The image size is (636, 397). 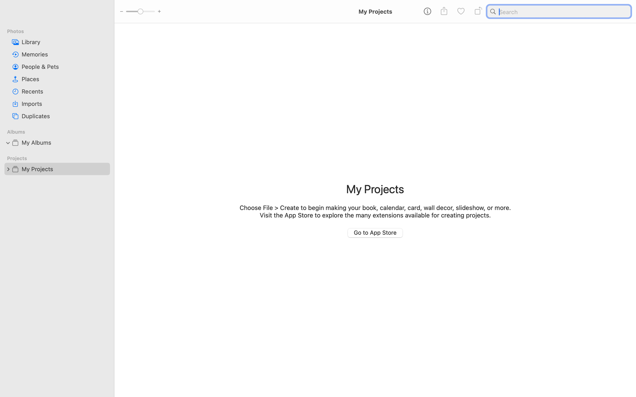 What do you see at coordinates (64, 103) in the screenshot?
I see `'Imports'` at bounding box center [64, 103].